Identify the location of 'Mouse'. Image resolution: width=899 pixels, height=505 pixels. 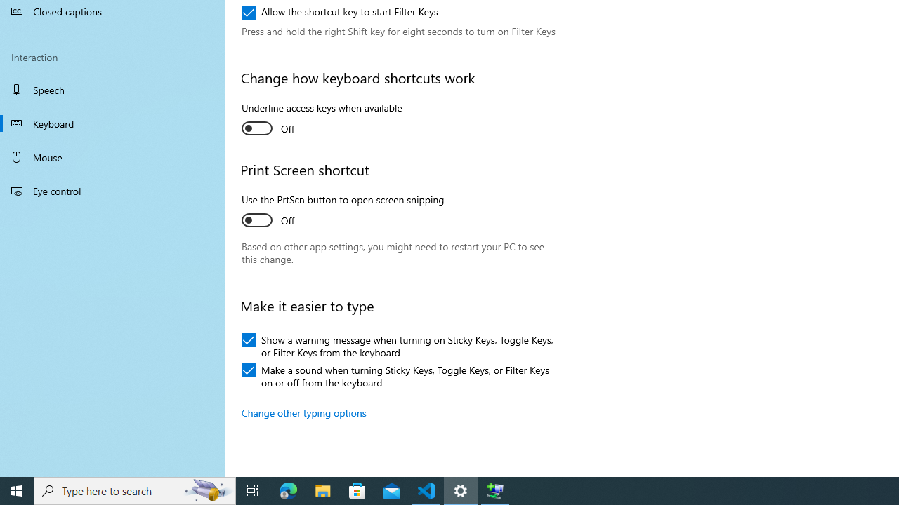
(112, 156).